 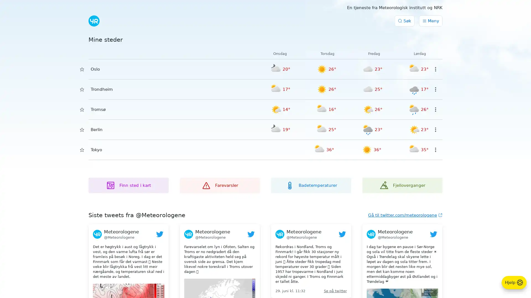 What do you see at coordinates (430, 21) in the screenshot?
I see `Meny` at bounding box center [430, 21].